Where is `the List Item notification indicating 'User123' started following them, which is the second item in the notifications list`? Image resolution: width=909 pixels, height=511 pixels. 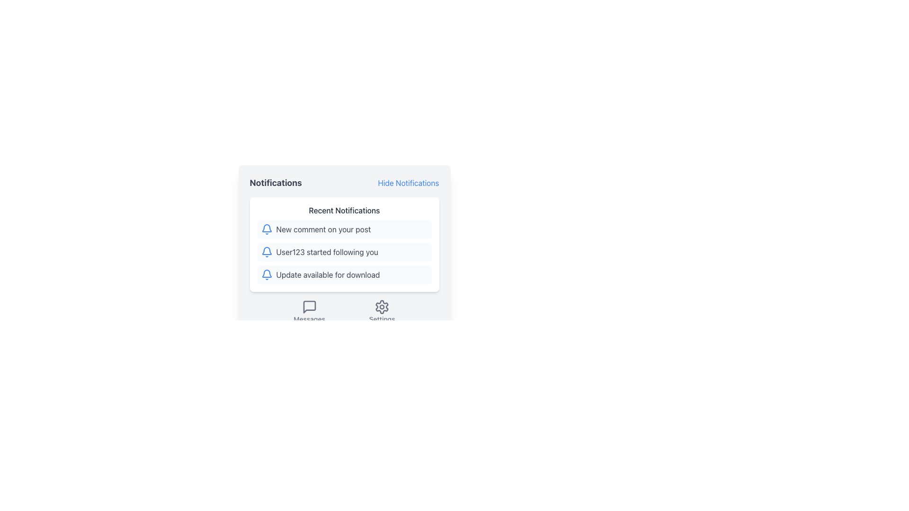 the List Item notification indicating 'User123' started following them, which is the second item in the notifications list is located at coordinates (344, 251).